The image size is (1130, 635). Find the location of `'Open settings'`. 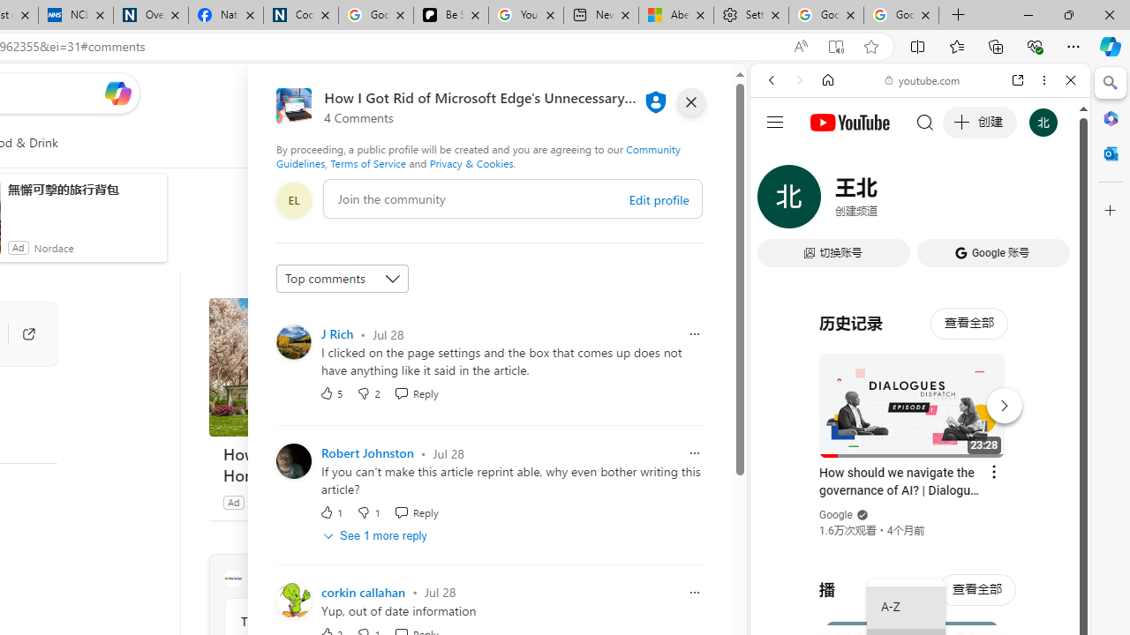

'Open settings' is located at coordinates (693, 93).